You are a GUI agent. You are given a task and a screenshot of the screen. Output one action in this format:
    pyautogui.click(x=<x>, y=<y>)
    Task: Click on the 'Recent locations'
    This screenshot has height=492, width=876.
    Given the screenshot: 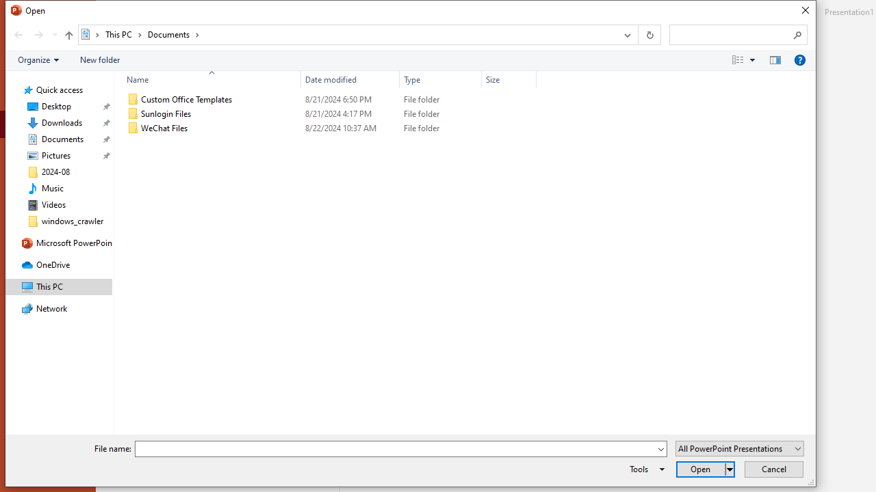 What is the action you would take?
    pyautogui.click(x=54, y=34)
    